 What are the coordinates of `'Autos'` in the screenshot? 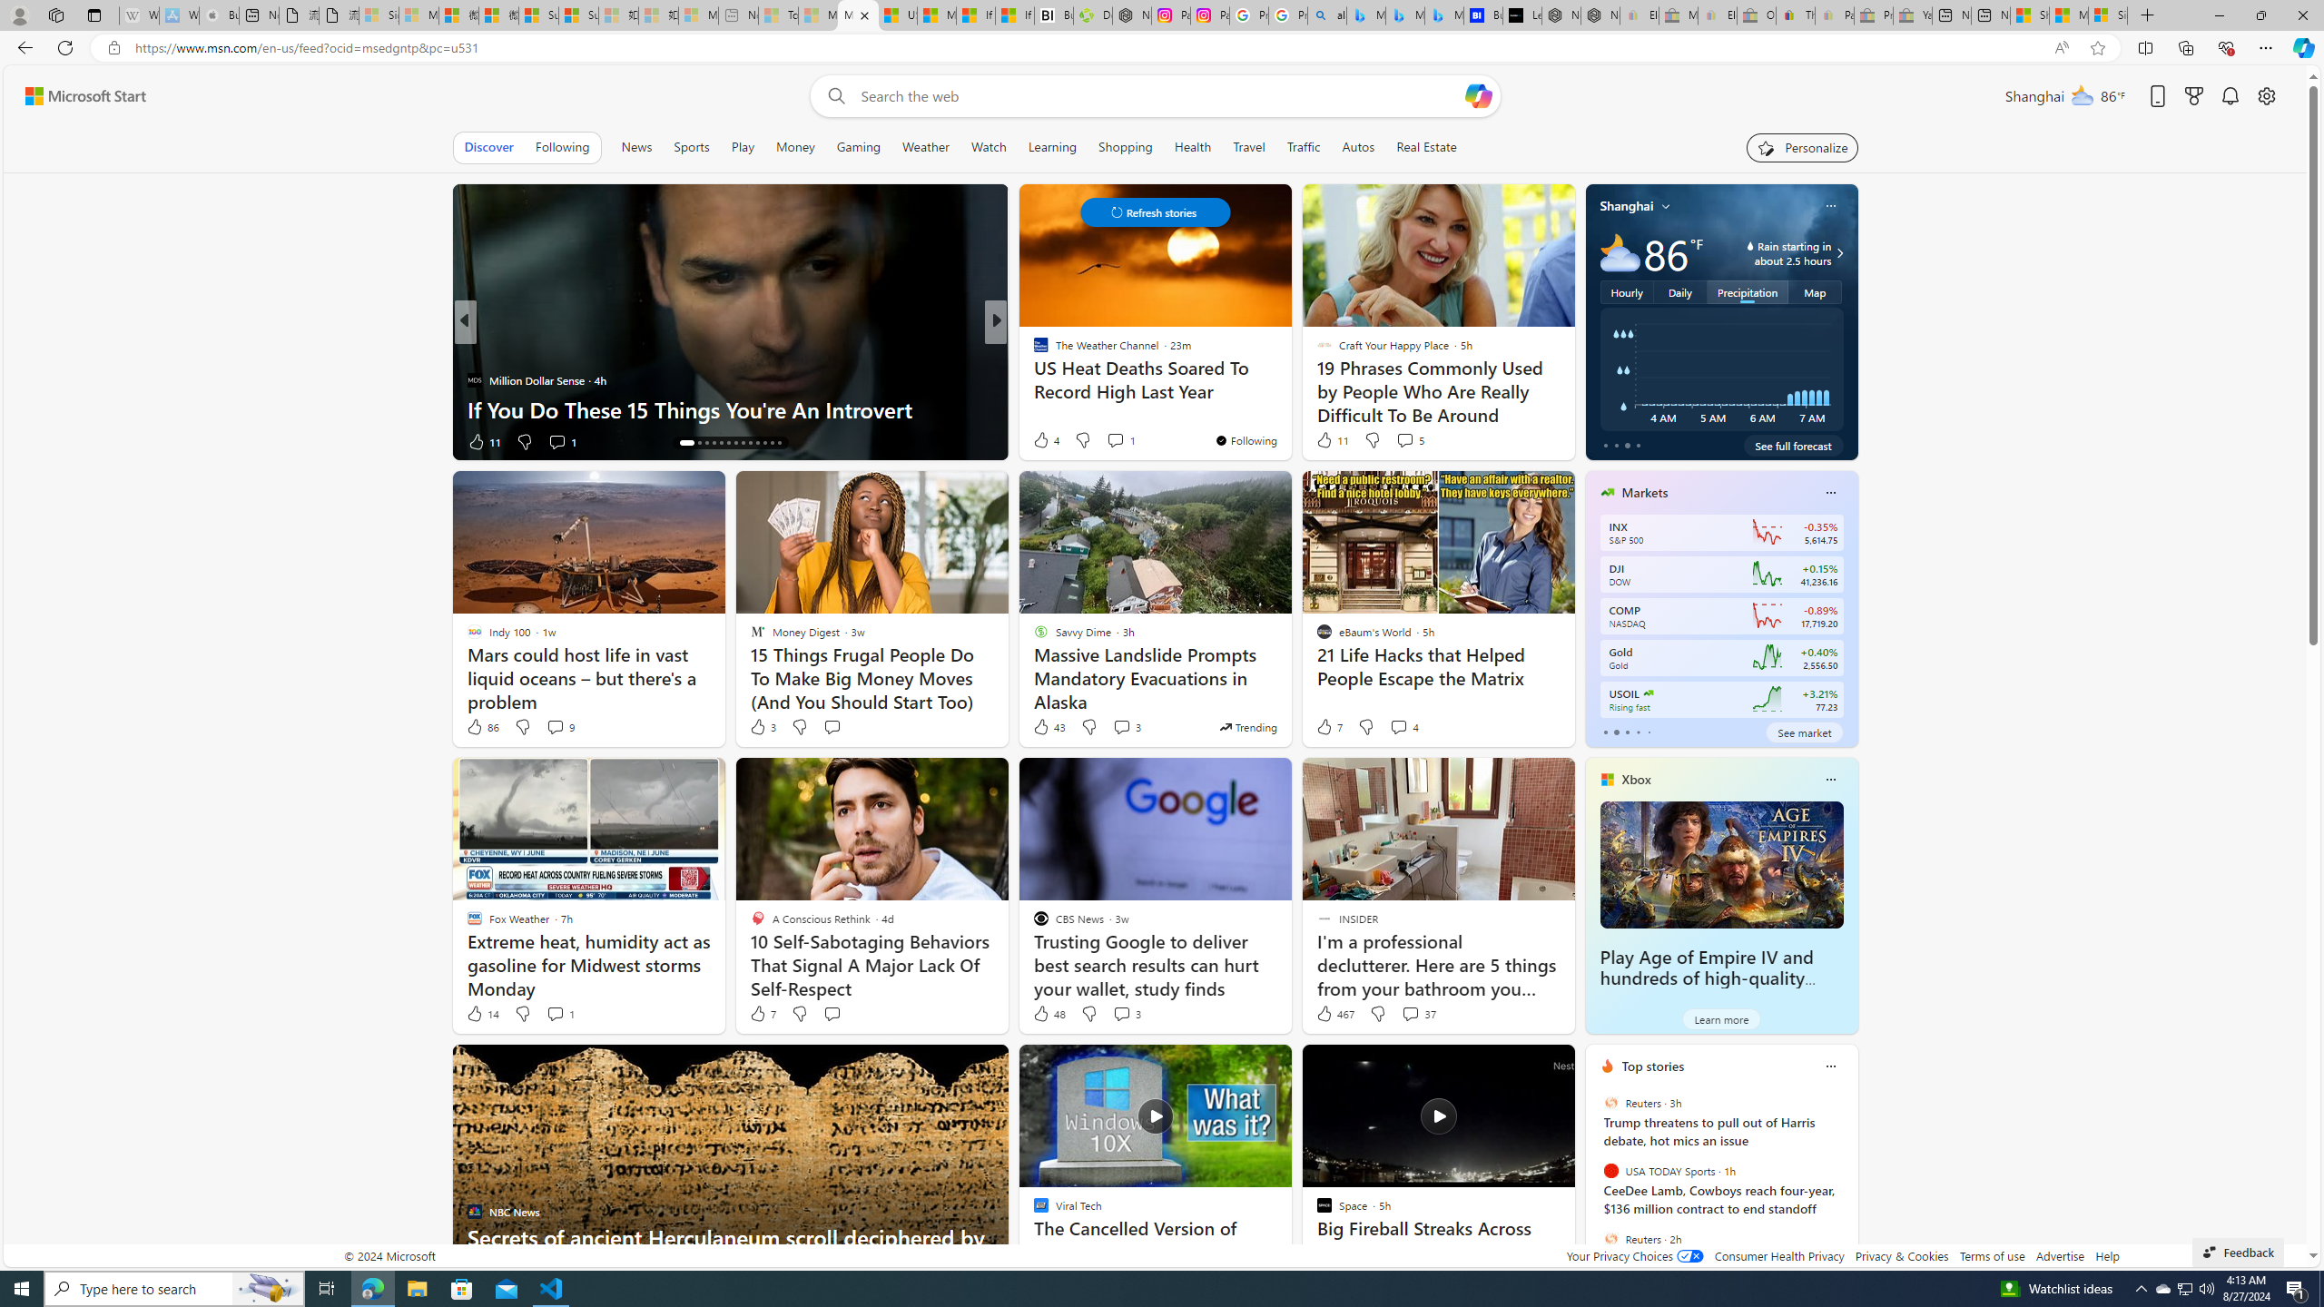 It's located at (1358, 146).